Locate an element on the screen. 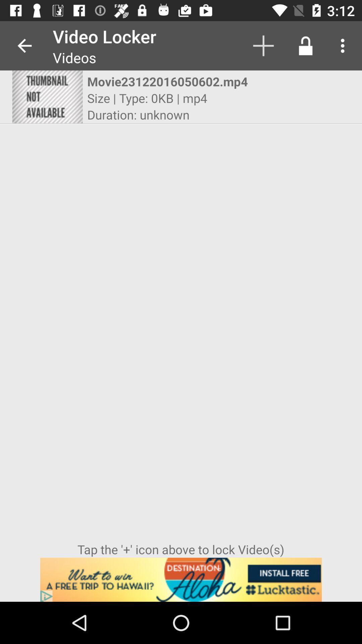 The image size is (362, 644). the movie23122016050602.mp4 item is located at coordinates (175, 81).